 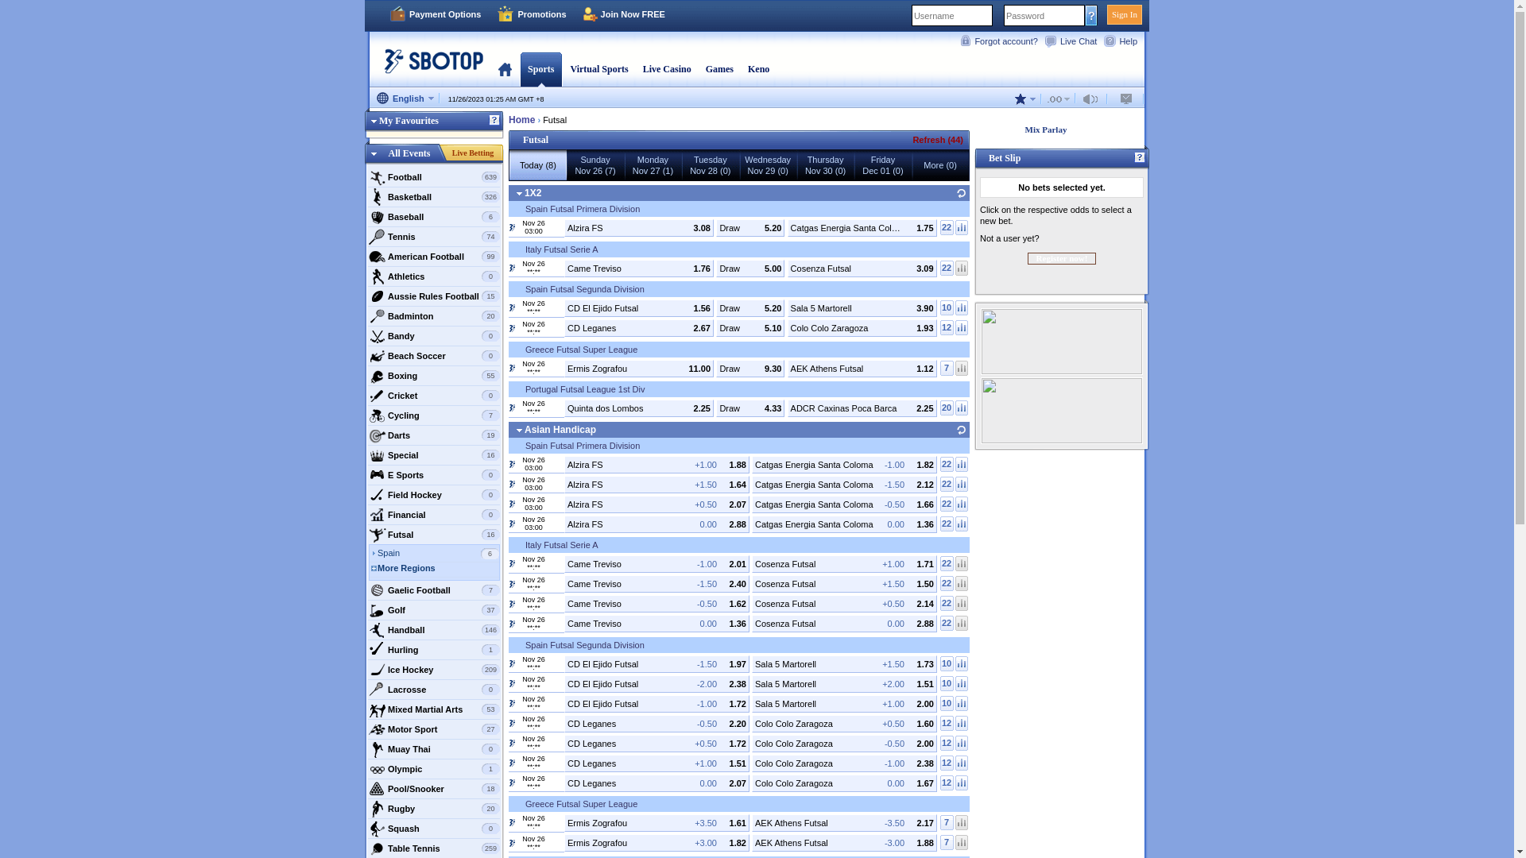 What do you see at coordinates (434, 729) in the screenshot?
I see `'Motor Sport` at bounding box center [434, 729].